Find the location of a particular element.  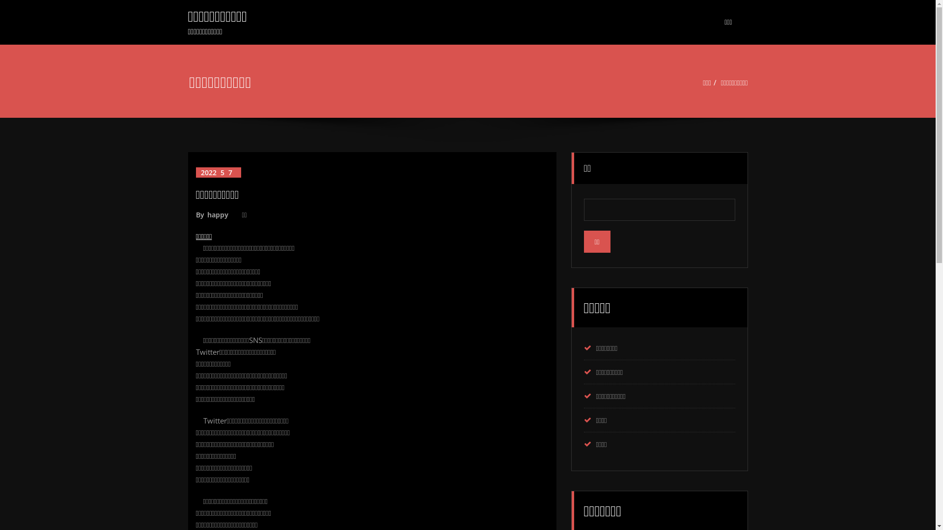

'happy' is located at coordinates (217, 214).